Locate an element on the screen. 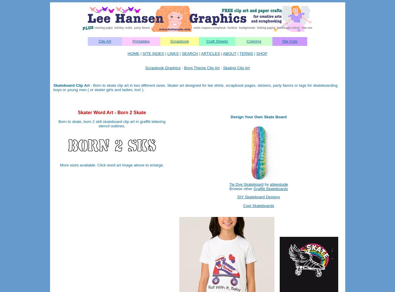  'DIY  Skateboard Designs' is located at coordinates (258, 197).